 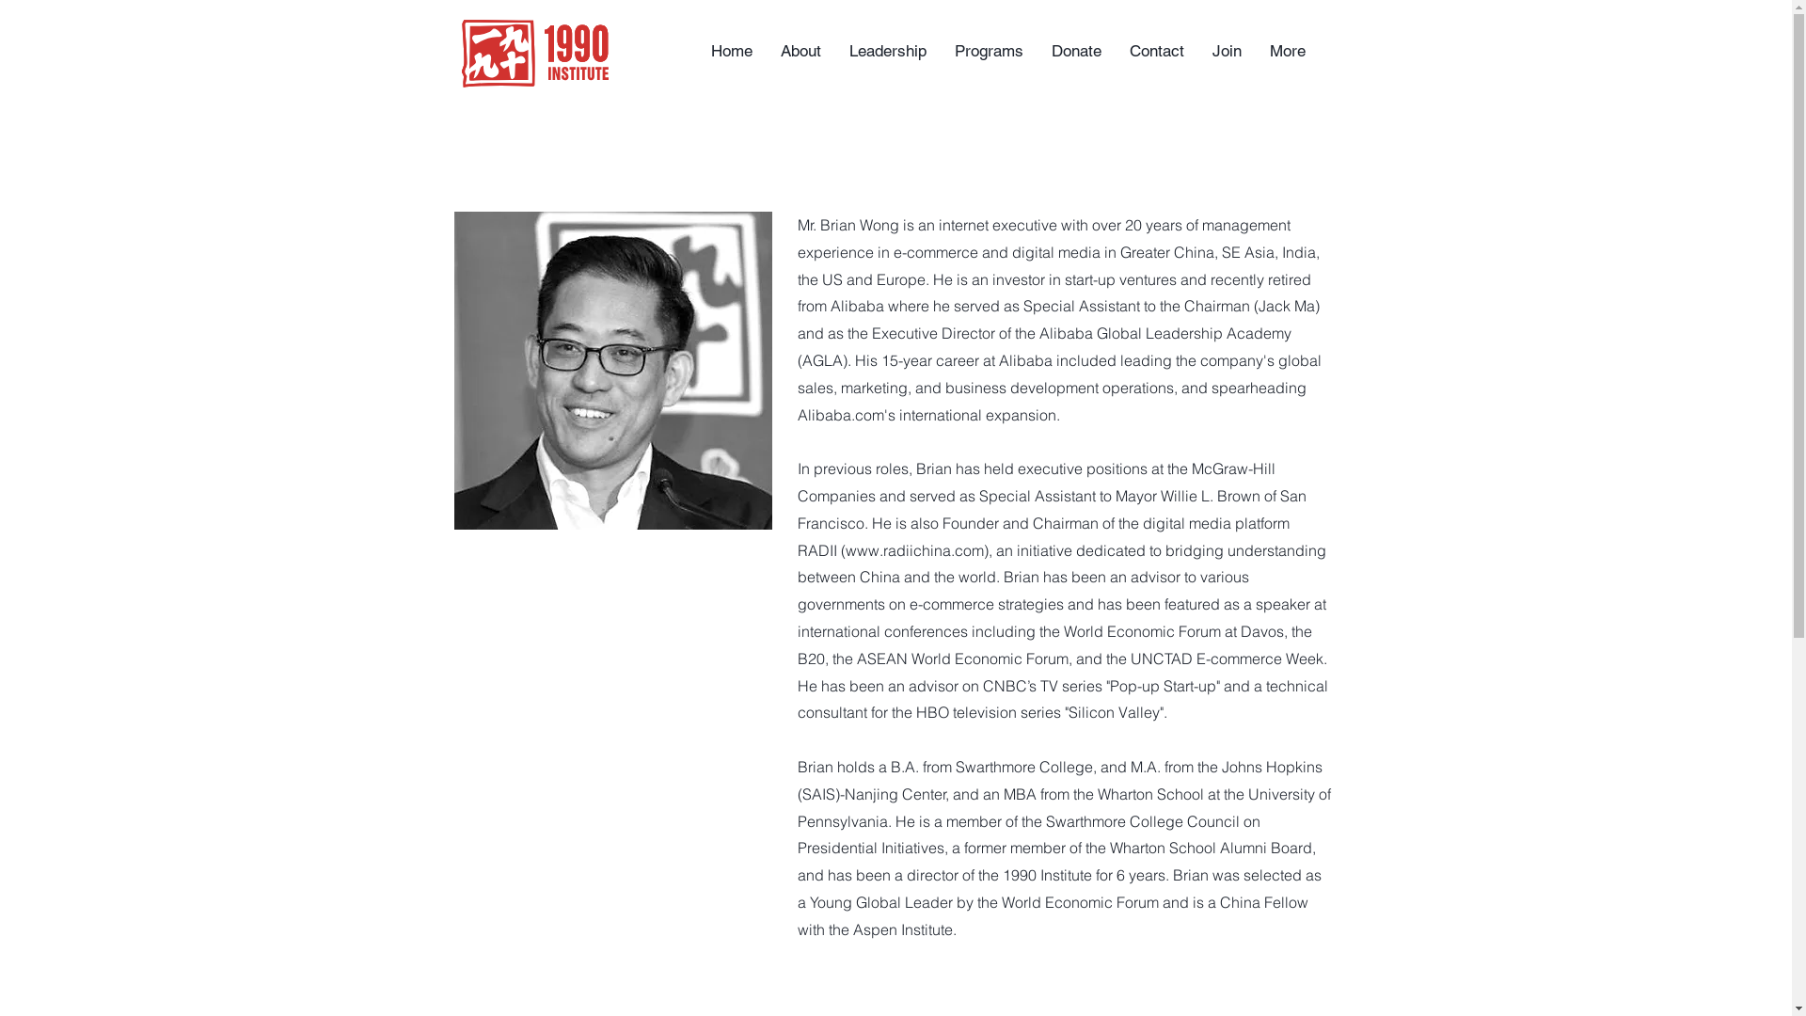 I want to click on 'Contact', so click(x=1115, y=50).